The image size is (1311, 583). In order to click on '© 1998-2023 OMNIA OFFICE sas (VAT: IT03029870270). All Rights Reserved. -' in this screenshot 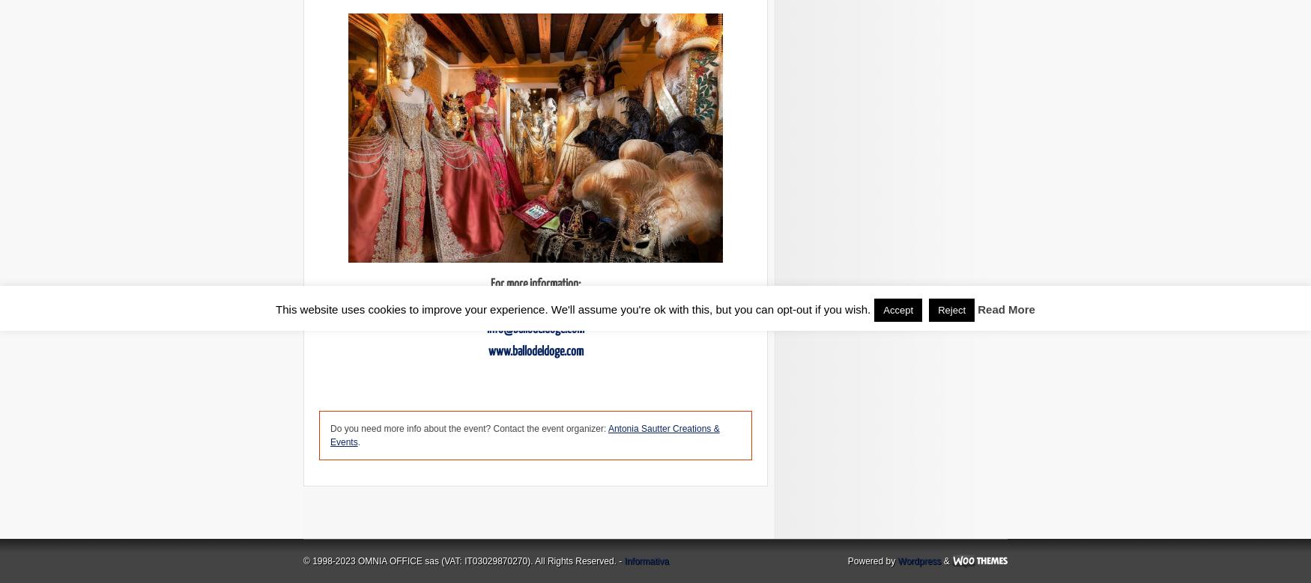, I will do `click(302, 561)`.